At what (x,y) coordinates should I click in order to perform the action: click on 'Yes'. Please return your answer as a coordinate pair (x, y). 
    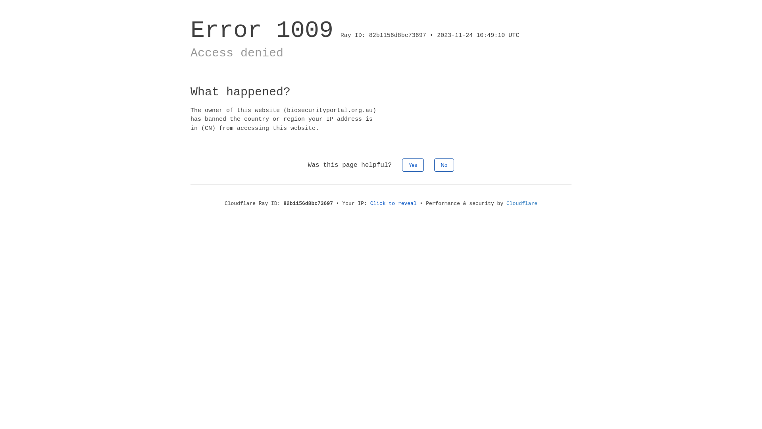
    Looking at the image, I should click on (402, 164).